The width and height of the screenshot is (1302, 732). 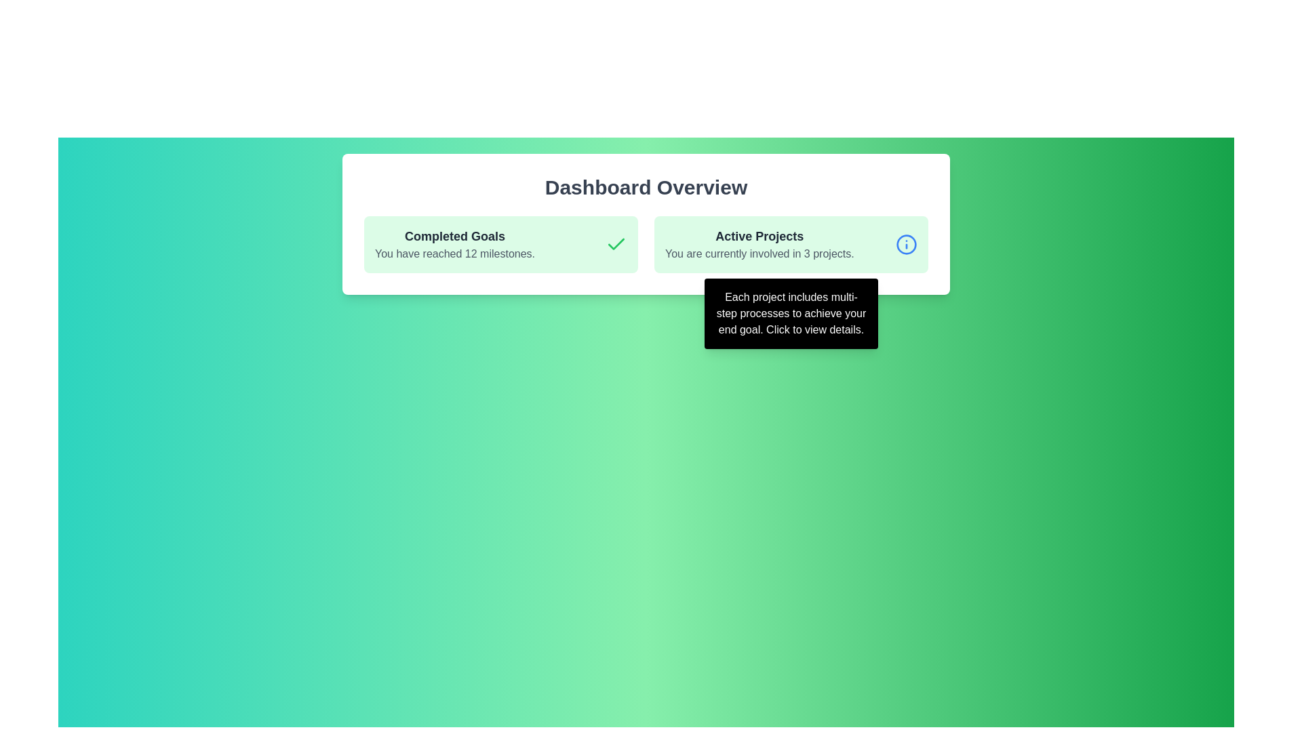 I want to click on information displayed in the tooltip located below the 'Active Projects' section, which provides additional details about the section, so click(x=791, y=313).